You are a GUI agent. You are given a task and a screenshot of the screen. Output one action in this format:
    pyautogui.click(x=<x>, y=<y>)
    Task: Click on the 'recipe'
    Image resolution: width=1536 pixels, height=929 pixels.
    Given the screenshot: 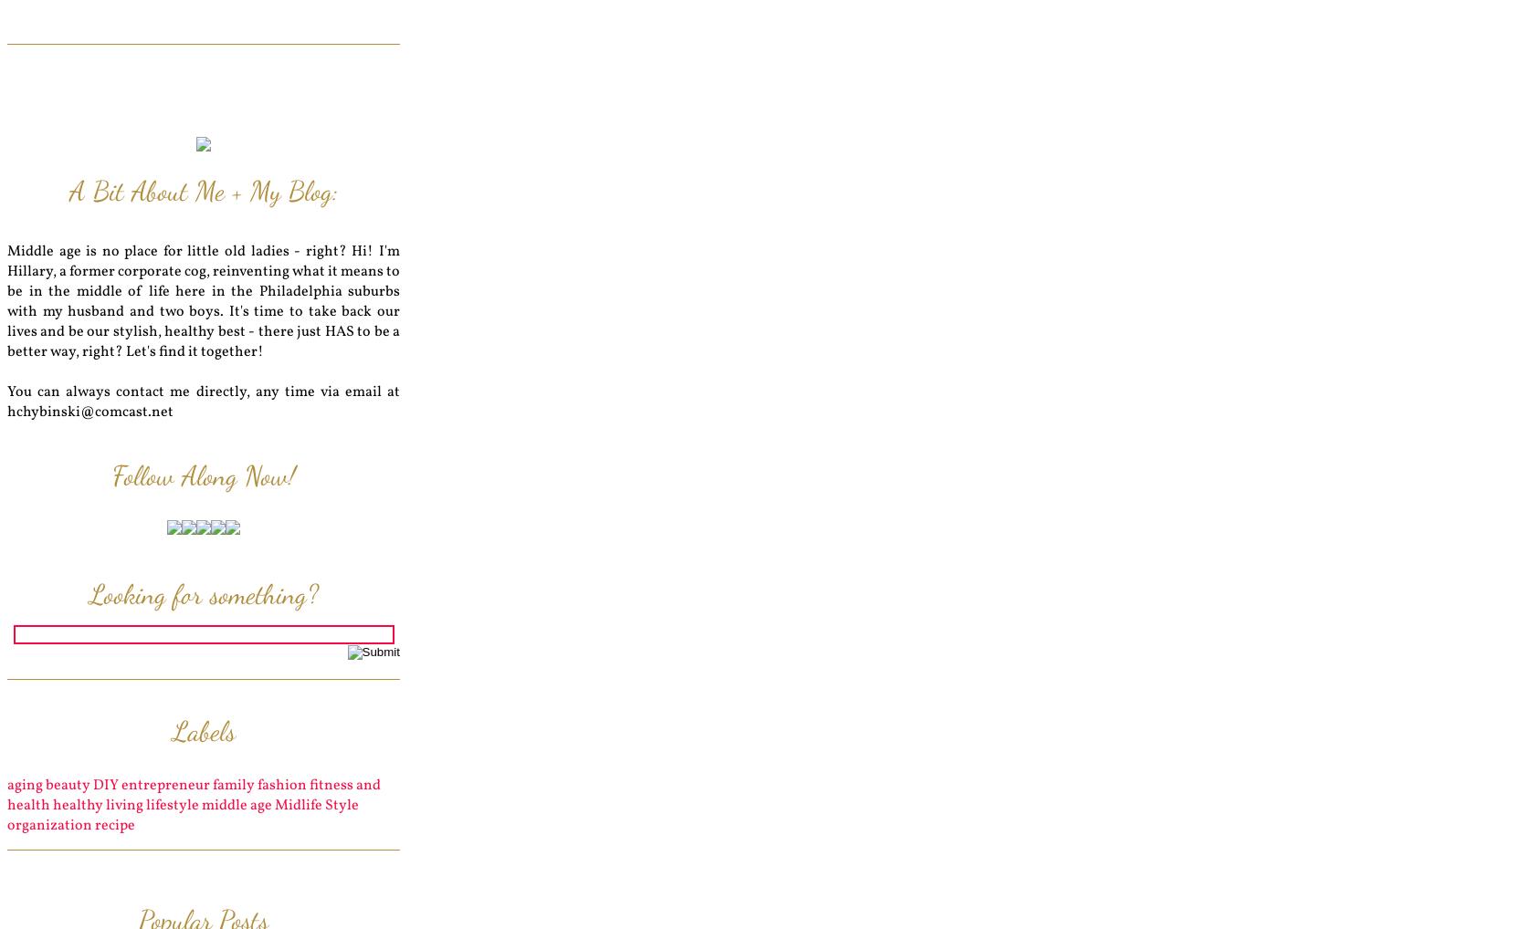 What is the action you would take?
    pyautogui.click(x=113, y=826)
    